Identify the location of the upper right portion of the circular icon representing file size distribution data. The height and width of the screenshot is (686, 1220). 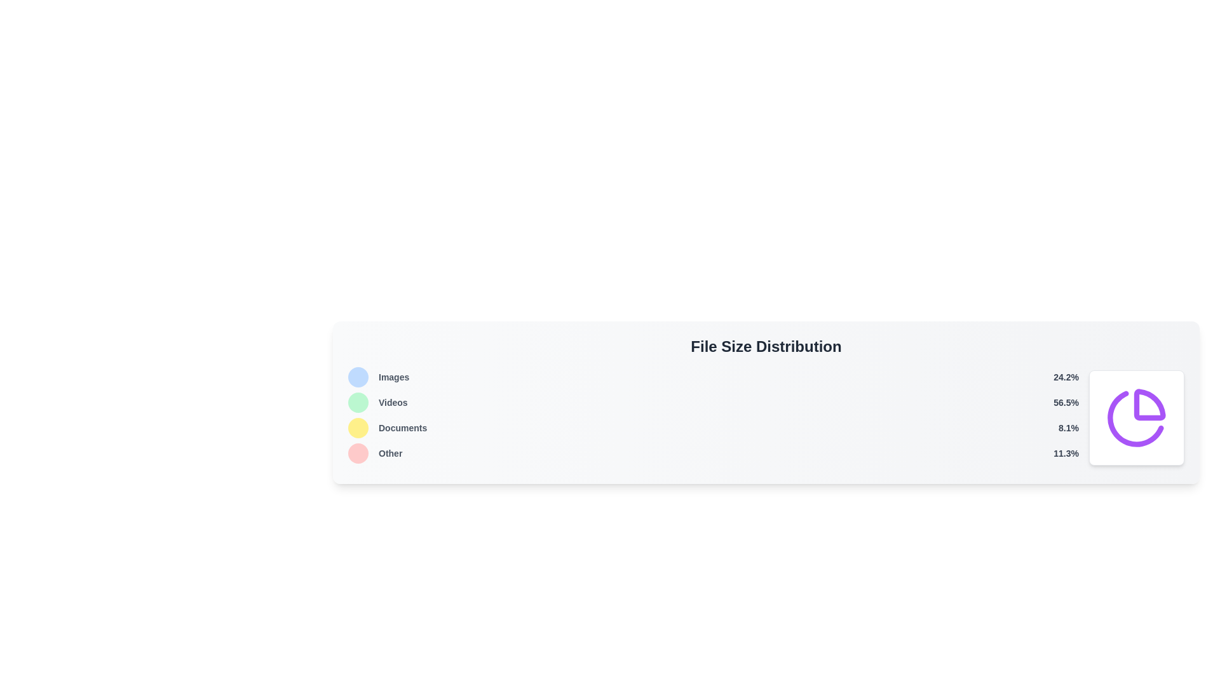
(1149, 405).